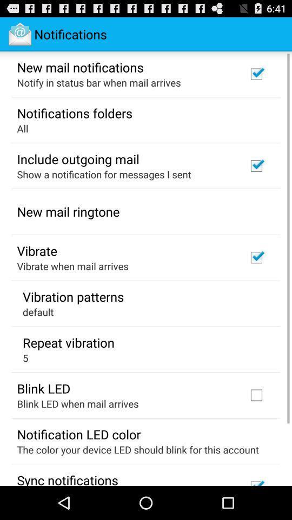 This screenshot has height=520, width=292. Describe the element at coordinates (104, 174) in the screenshot. I see `show a notification icon` at that location.